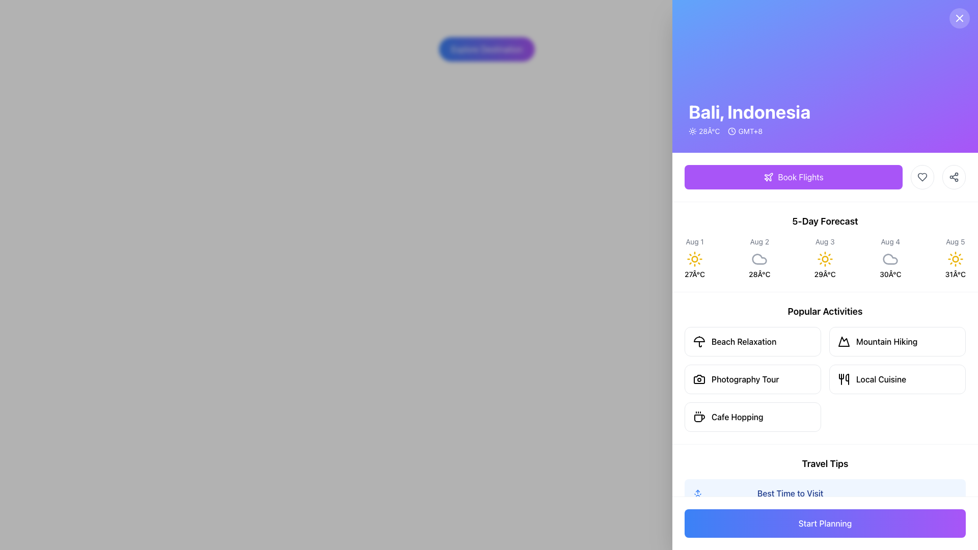  What do you see at coordinates (922, 176) in the screenshot?
I see `the heart-shaped icon located on the right side of the interface, adjacent to action buttons below the title 'Bali, Indonesia'` at bounding box center [922, 176].